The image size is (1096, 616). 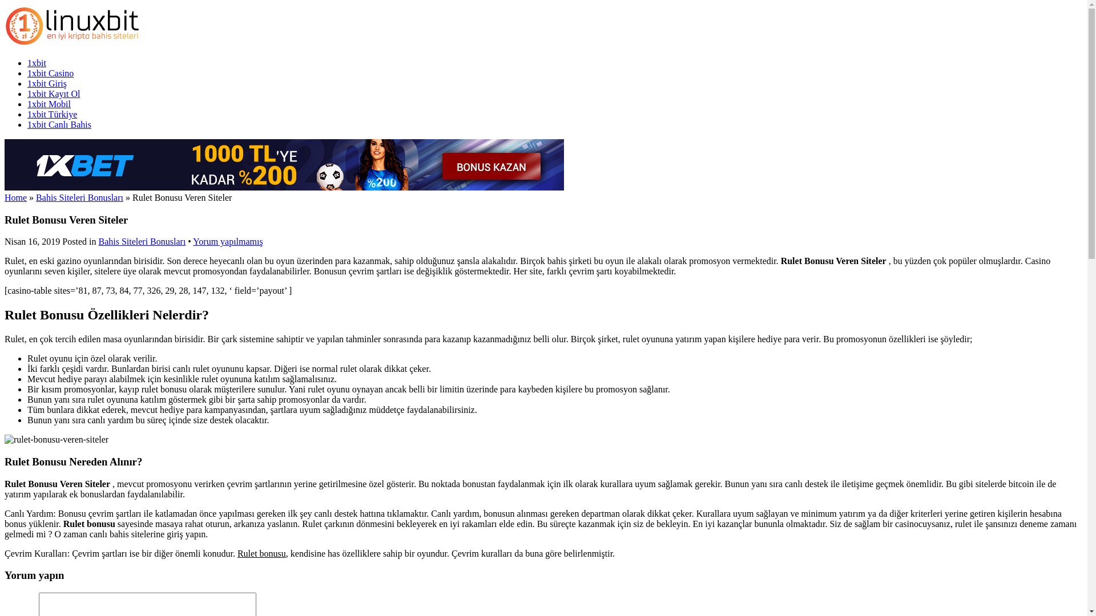 I want to click on 'Home', so click(x=15, y=197).